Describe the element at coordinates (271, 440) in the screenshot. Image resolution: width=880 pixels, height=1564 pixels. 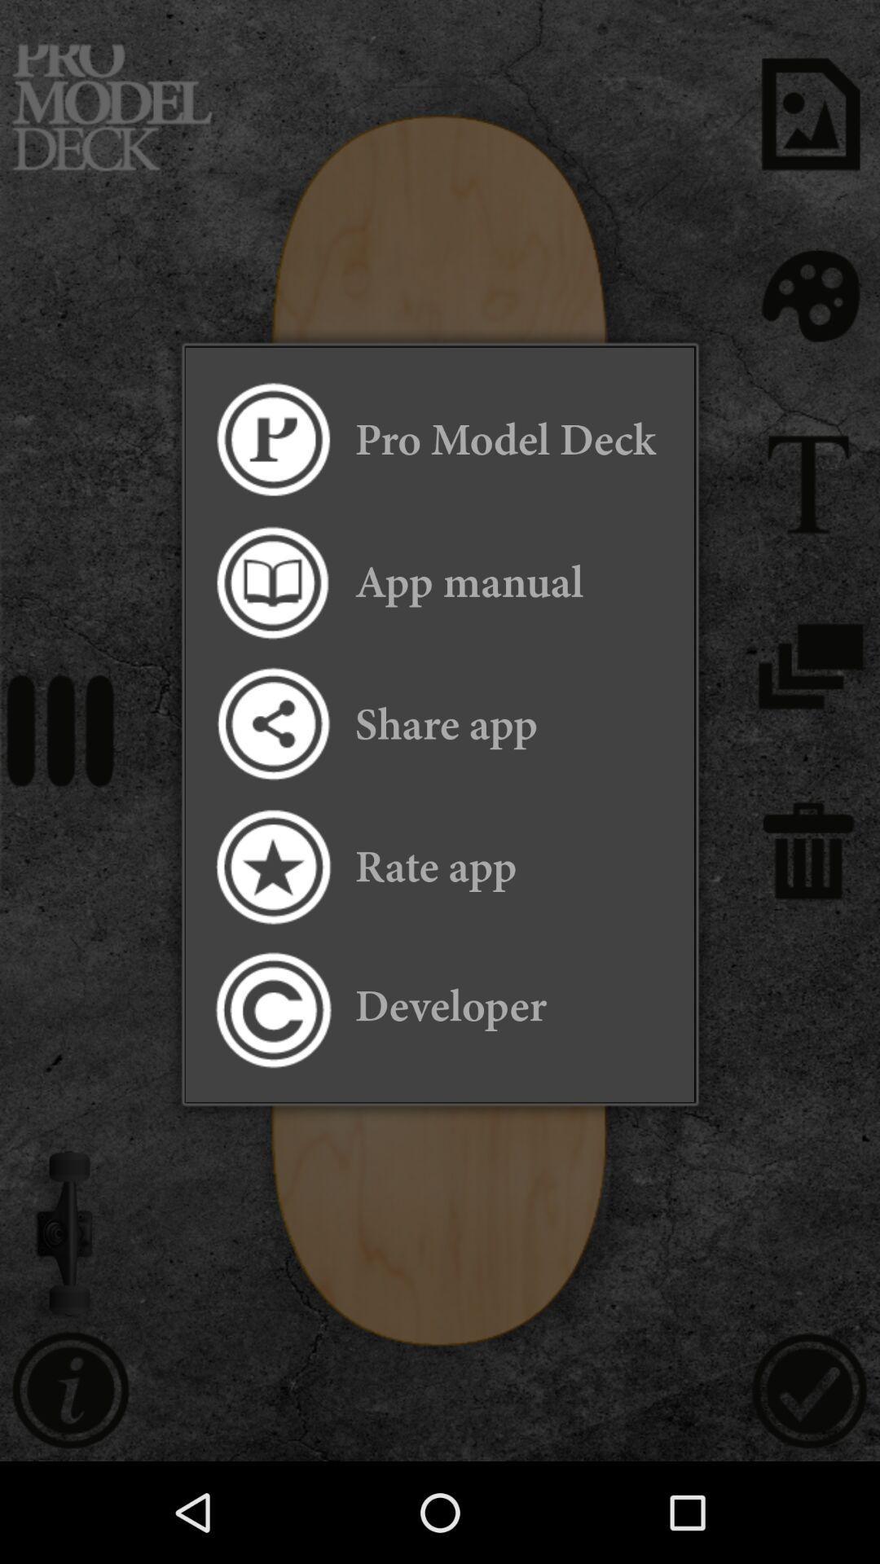
I see `the icon at the top left corner` at that location.